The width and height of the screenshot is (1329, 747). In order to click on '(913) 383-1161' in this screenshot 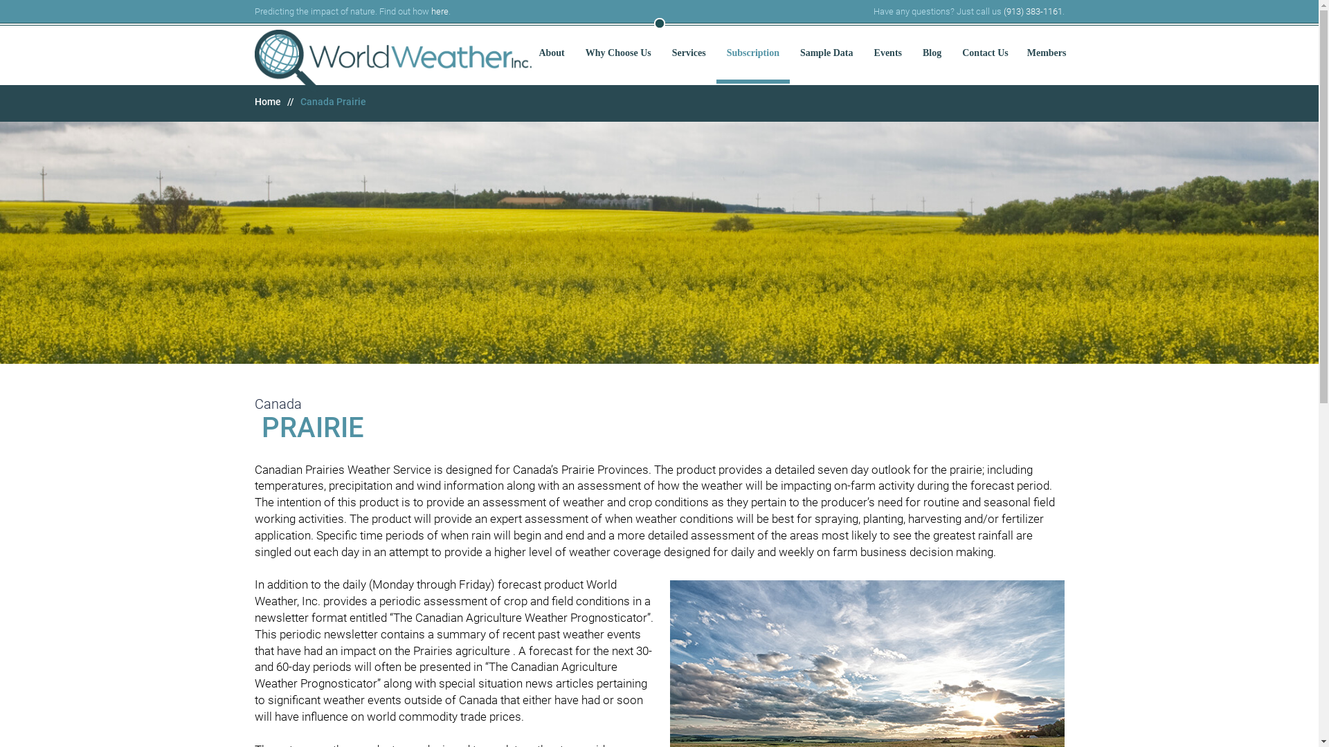, I will do `click(1033, 11)`.